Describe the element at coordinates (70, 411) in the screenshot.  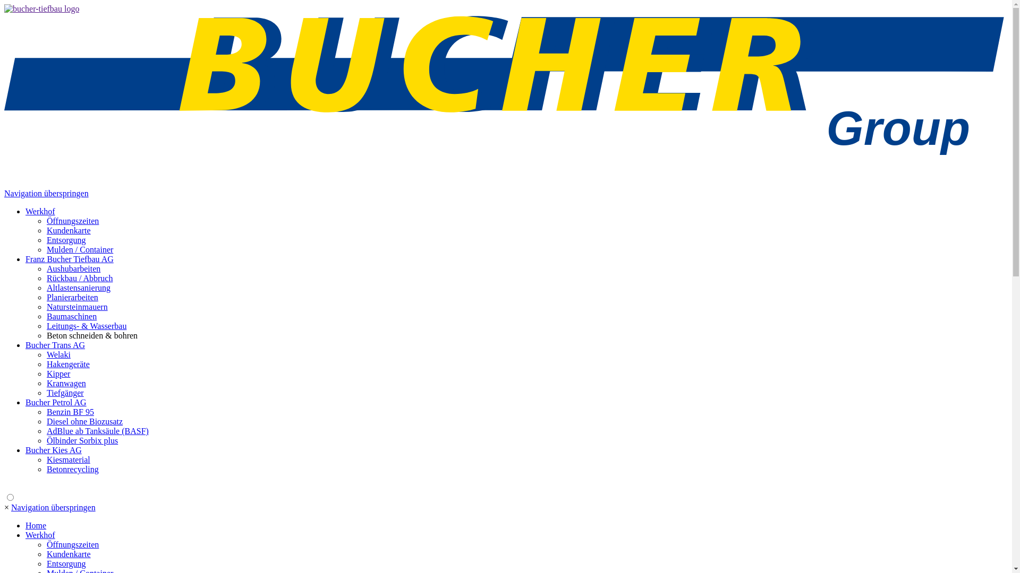
I see `'Benzin BF 95'` at that location.